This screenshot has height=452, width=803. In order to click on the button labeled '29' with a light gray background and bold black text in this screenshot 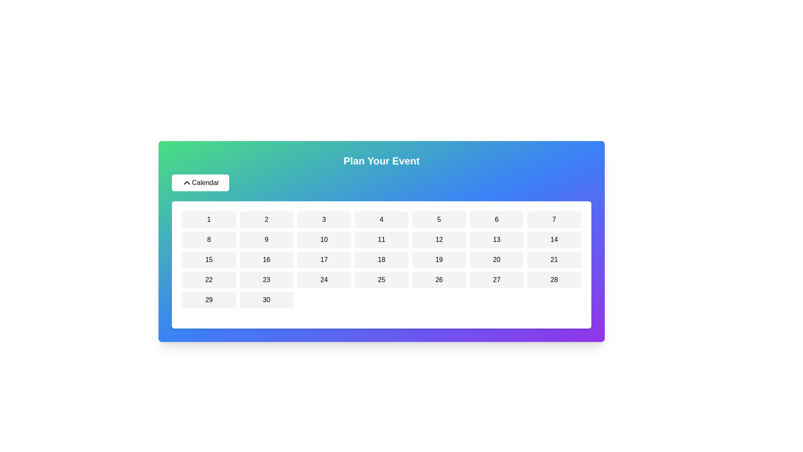, I will do `click(209, 300)`.